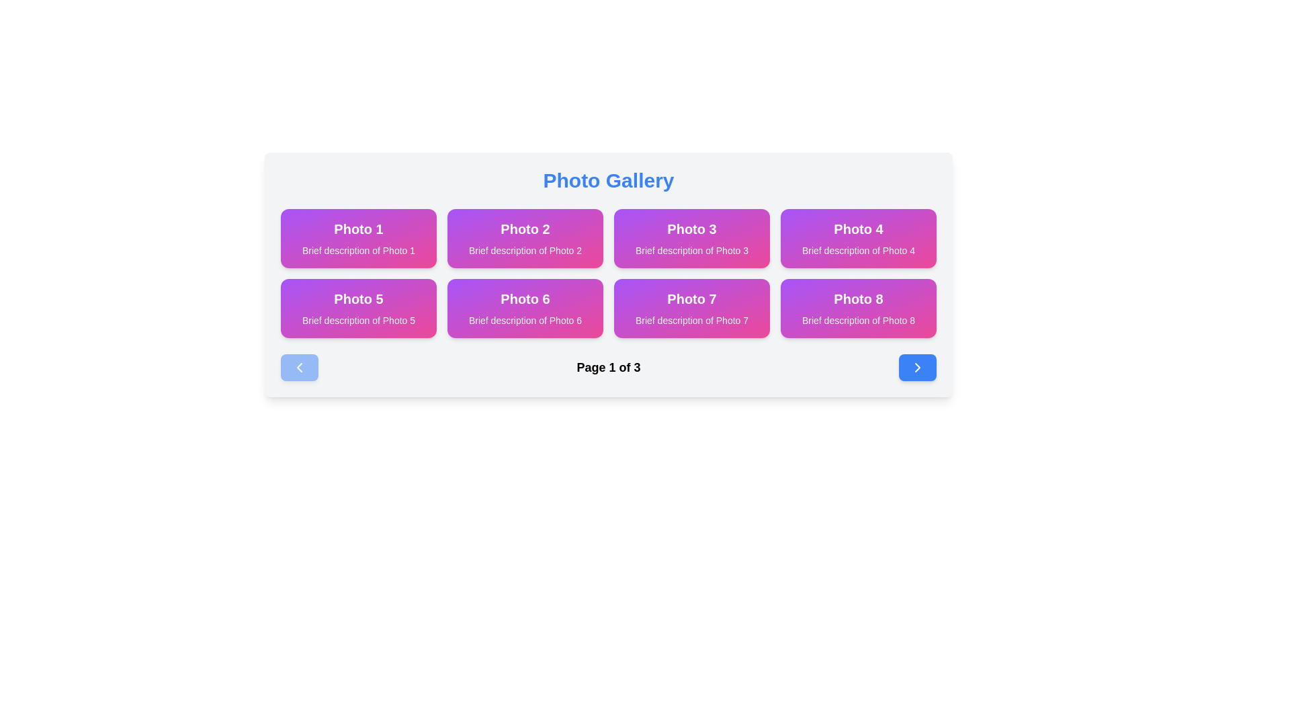  Describe the element at coordinates (608, 368) in the screenshot. I see `the pagination control displaying 'Page 1 of 3' at the bottom center of the photo gallery interface` at that location.